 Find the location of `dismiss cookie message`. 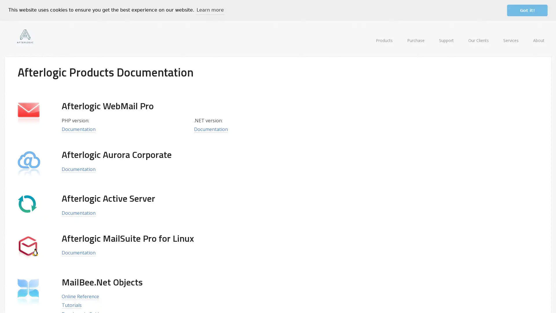

dismiss cookie message is located at coordinates (527, 10).